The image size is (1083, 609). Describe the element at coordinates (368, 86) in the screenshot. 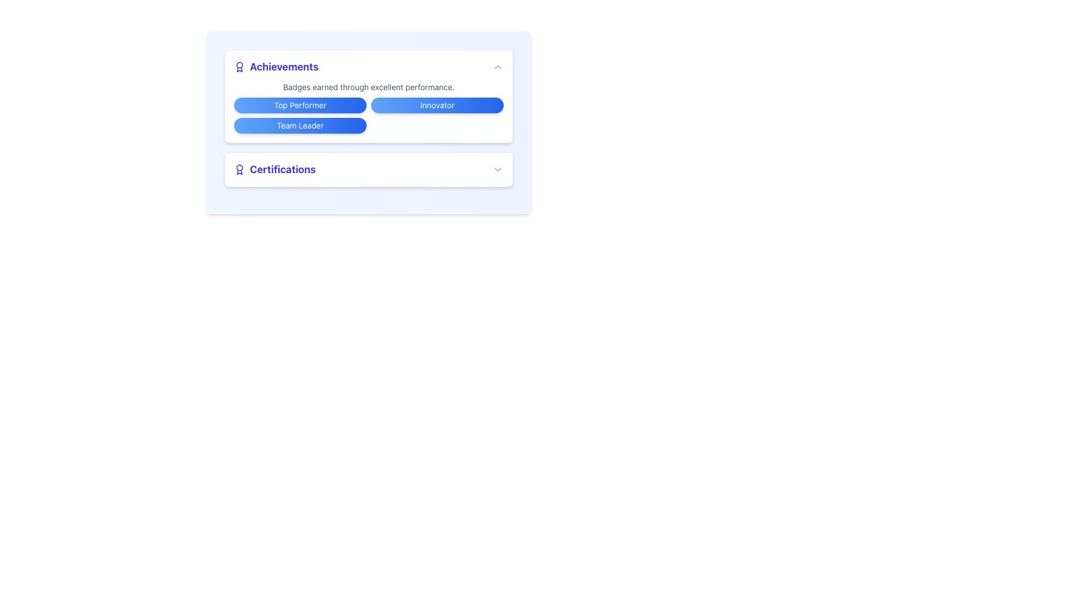

I see `the Text Label that provides context for the badge elements such as 'Top Performer', 'Innovator', and 'Team Leader'` at that location.